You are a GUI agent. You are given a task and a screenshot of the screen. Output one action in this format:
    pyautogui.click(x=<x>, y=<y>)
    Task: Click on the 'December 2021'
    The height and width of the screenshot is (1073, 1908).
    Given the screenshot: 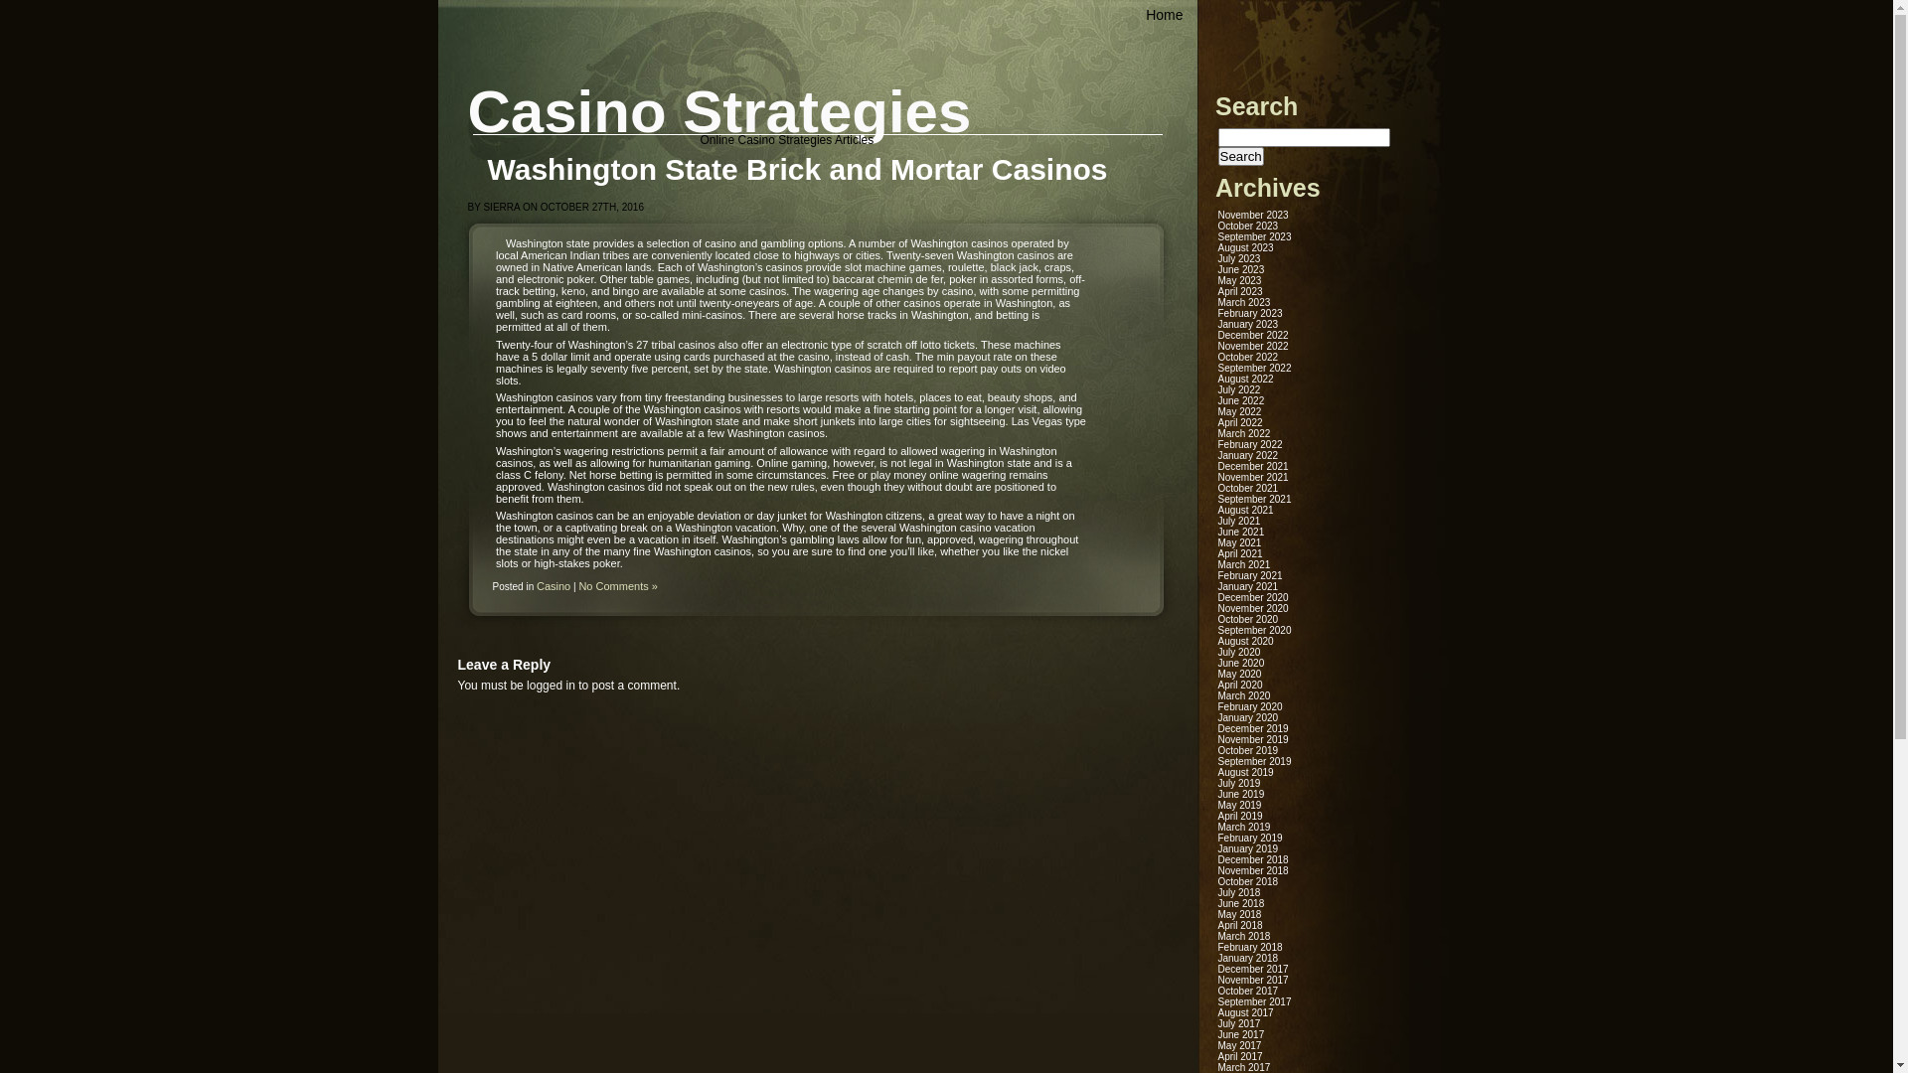 What is the action you would take?
    pyautogui.click(x=1252, y=466)
    